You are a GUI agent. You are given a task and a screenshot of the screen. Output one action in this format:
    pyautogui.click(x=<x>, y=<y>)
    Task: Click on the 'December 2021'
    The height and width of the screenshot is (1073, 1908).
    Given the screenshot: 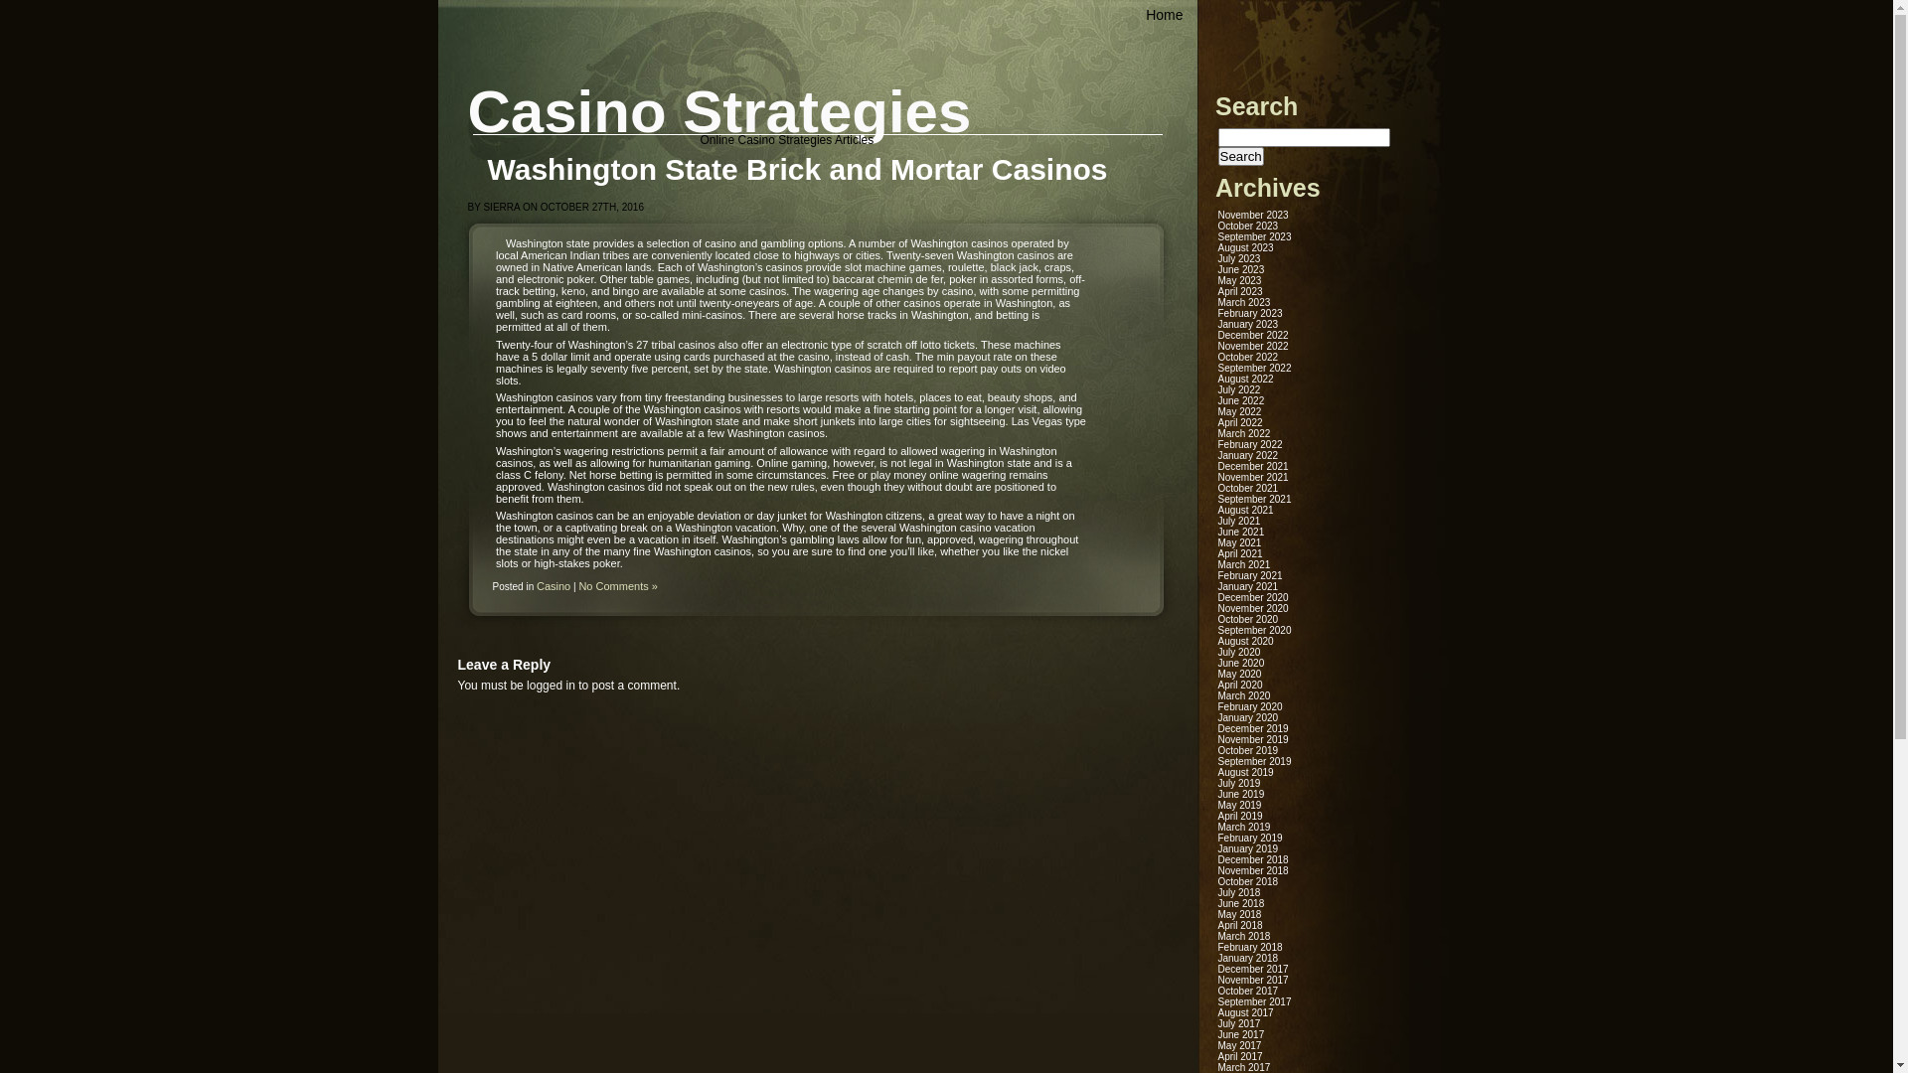 What is the action you would take?
    pyautogui.click(x=1252, y=466)
    